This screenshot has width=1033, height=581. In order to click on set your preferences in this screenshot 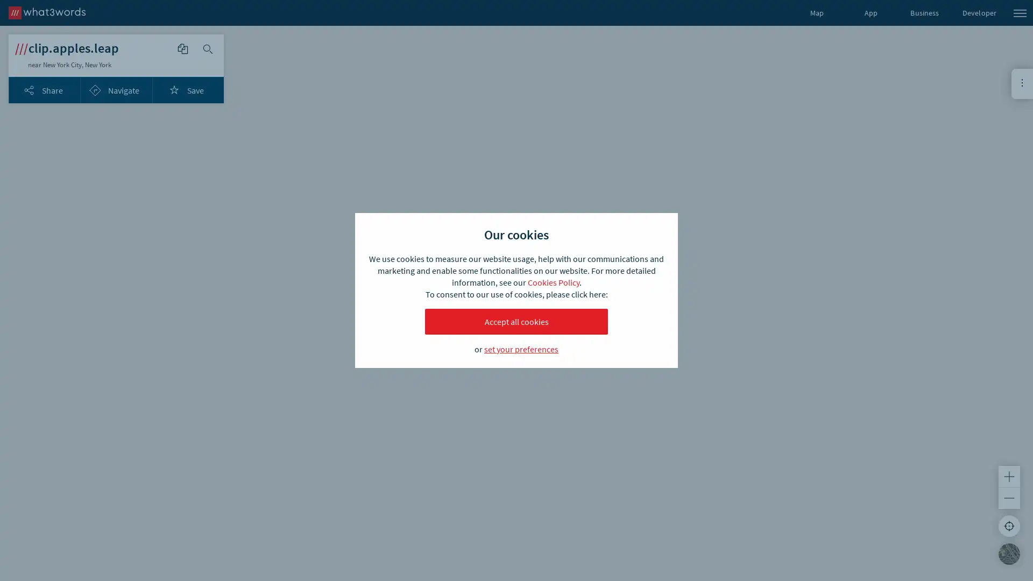, I will do `click(521, 349)`.